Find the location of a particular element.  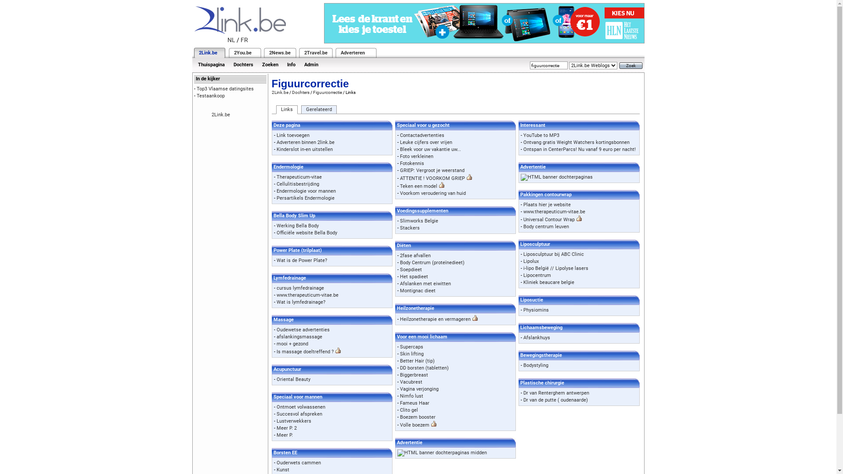

'Vagina verjonging' is located at coordinates (419, 388).